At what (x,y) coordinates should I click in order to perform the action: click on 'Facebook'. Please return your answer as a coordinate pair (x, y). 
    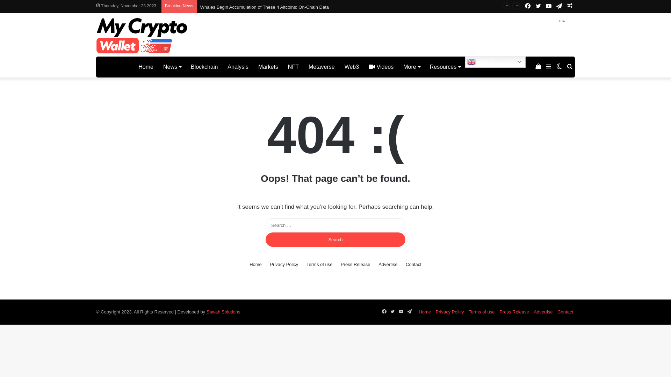
    Looking at the image, I should click on (528, 6).